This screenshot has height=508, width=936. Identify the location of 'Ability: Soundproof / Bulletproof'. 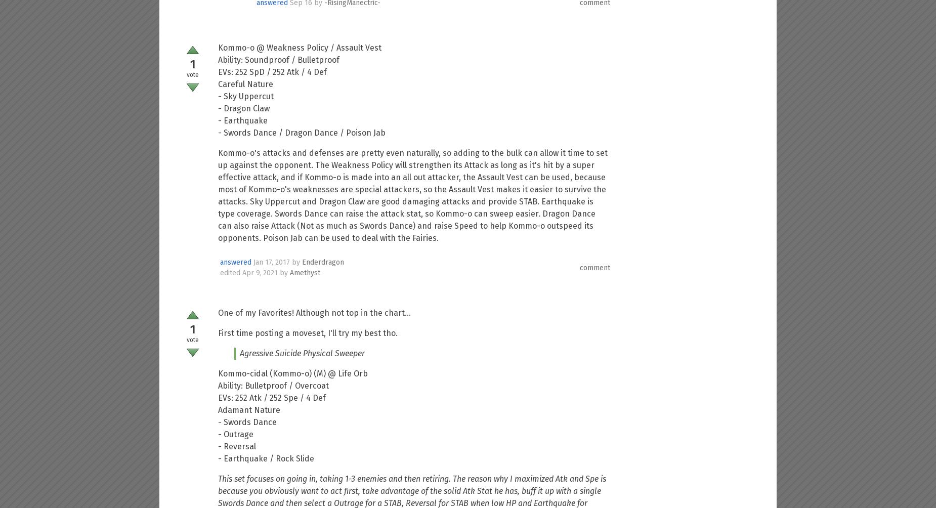
(218, 60).